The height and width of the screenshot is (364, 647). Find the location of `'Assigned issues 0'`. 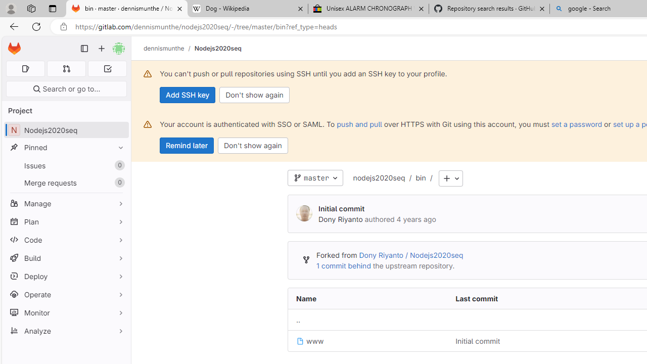

'Assigned issues 0' is located at coordinates (25, 68).